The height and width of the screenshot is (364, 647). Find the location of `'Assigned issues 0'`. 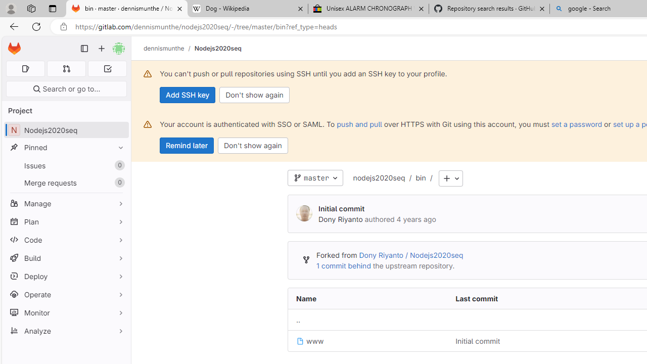

'Assigned issues 0' is located at coordinates (25, 68).